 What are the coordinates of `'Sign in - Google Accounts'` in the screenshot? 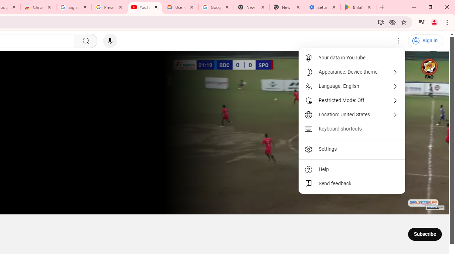 It's located at (74, 7).